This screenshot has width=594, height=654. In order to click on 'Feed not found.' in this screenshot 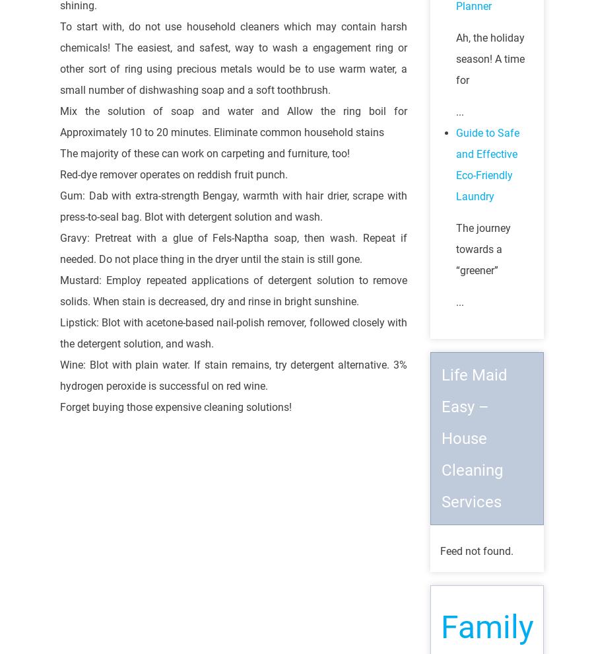, I will do `click(476, 550)`.